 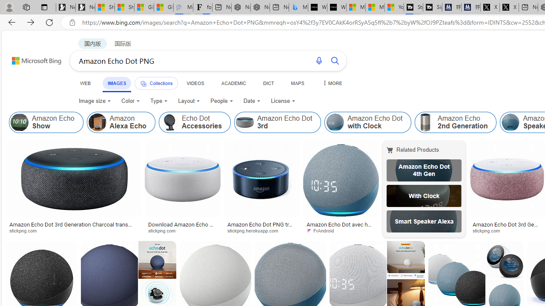 I want to click on 'Smart Speaker Alexa Echo Dot', so click(x=424, y=221).